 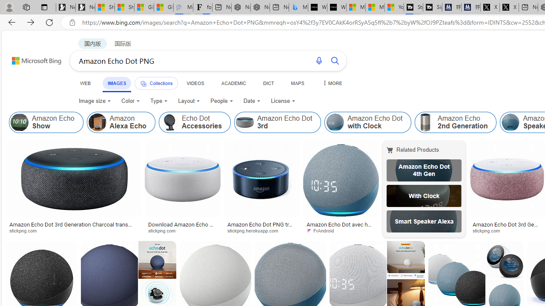 I want to click on 'Smart Speaker Alexa Echo Dot', so click(x=424, y=221).